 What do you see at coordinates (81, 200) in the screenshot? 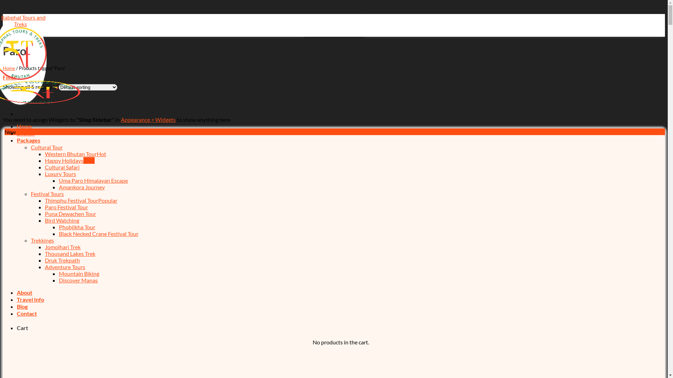
I see `'Thimphu Festival Tour'` at bounding box center [81, 200].